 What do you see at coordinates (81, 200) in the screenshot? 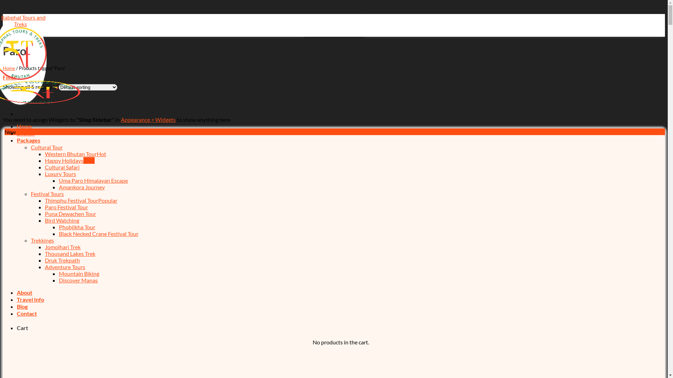
I see `'Thimphu Festival Tour'` at bounding box center [81, 200].